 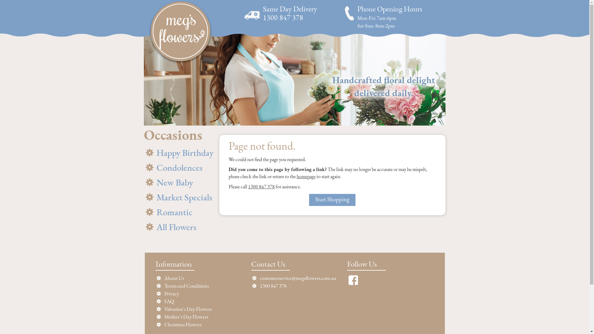 What do you see at coordinates (179, 182) in the screenshot?
I see `'New Baby'` at bounding box center [179, 182].